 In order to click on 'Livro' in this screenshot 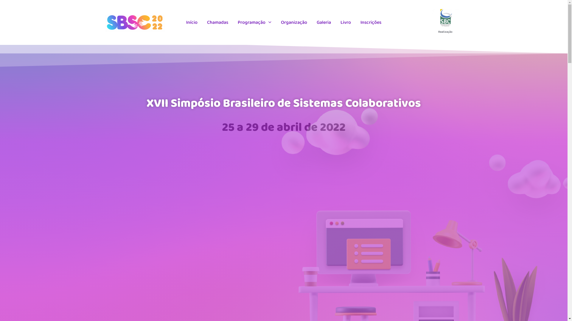, I will do `click(346, 22)`.